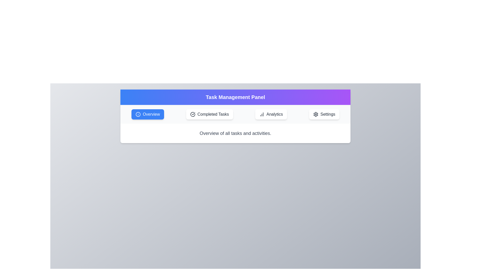 The height and width of the screenshot is (277, 493). What do you see at coordinates (147, 114) in the screenshot?
I see `the 'Overview' button located at the top-center of the view, which is the leftmost button in the horizontal menu bar, to observe the scaling animation effect` at bounding box center [147, 114].